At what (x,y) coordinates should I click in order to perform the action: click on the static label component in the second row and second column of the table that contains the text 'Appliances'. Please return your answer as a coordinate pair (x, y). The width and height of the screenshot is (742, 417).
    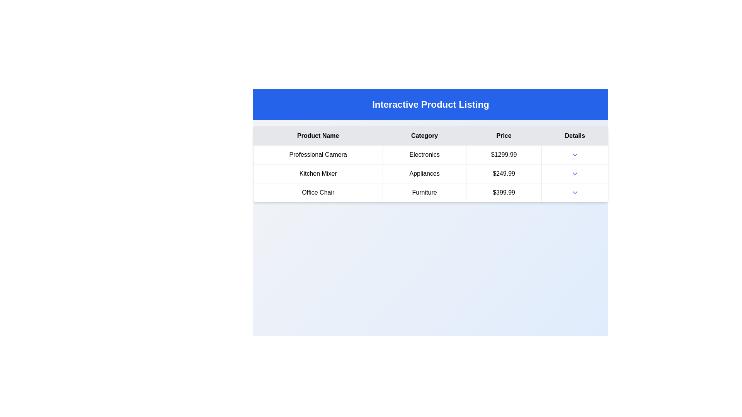
    Looking at the image, I should click on (430, 174).